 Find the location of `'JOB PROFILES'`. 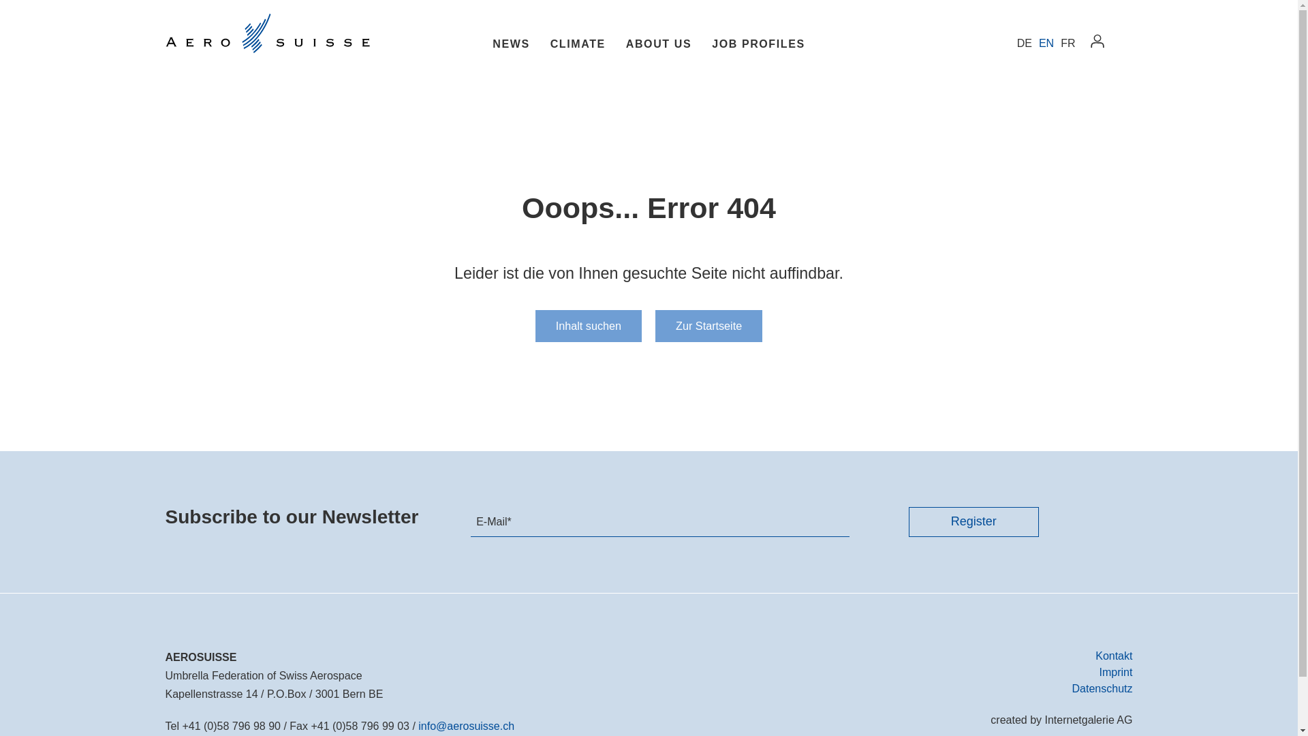

'JOB PROFILES' is located at coordinates (758, 40).